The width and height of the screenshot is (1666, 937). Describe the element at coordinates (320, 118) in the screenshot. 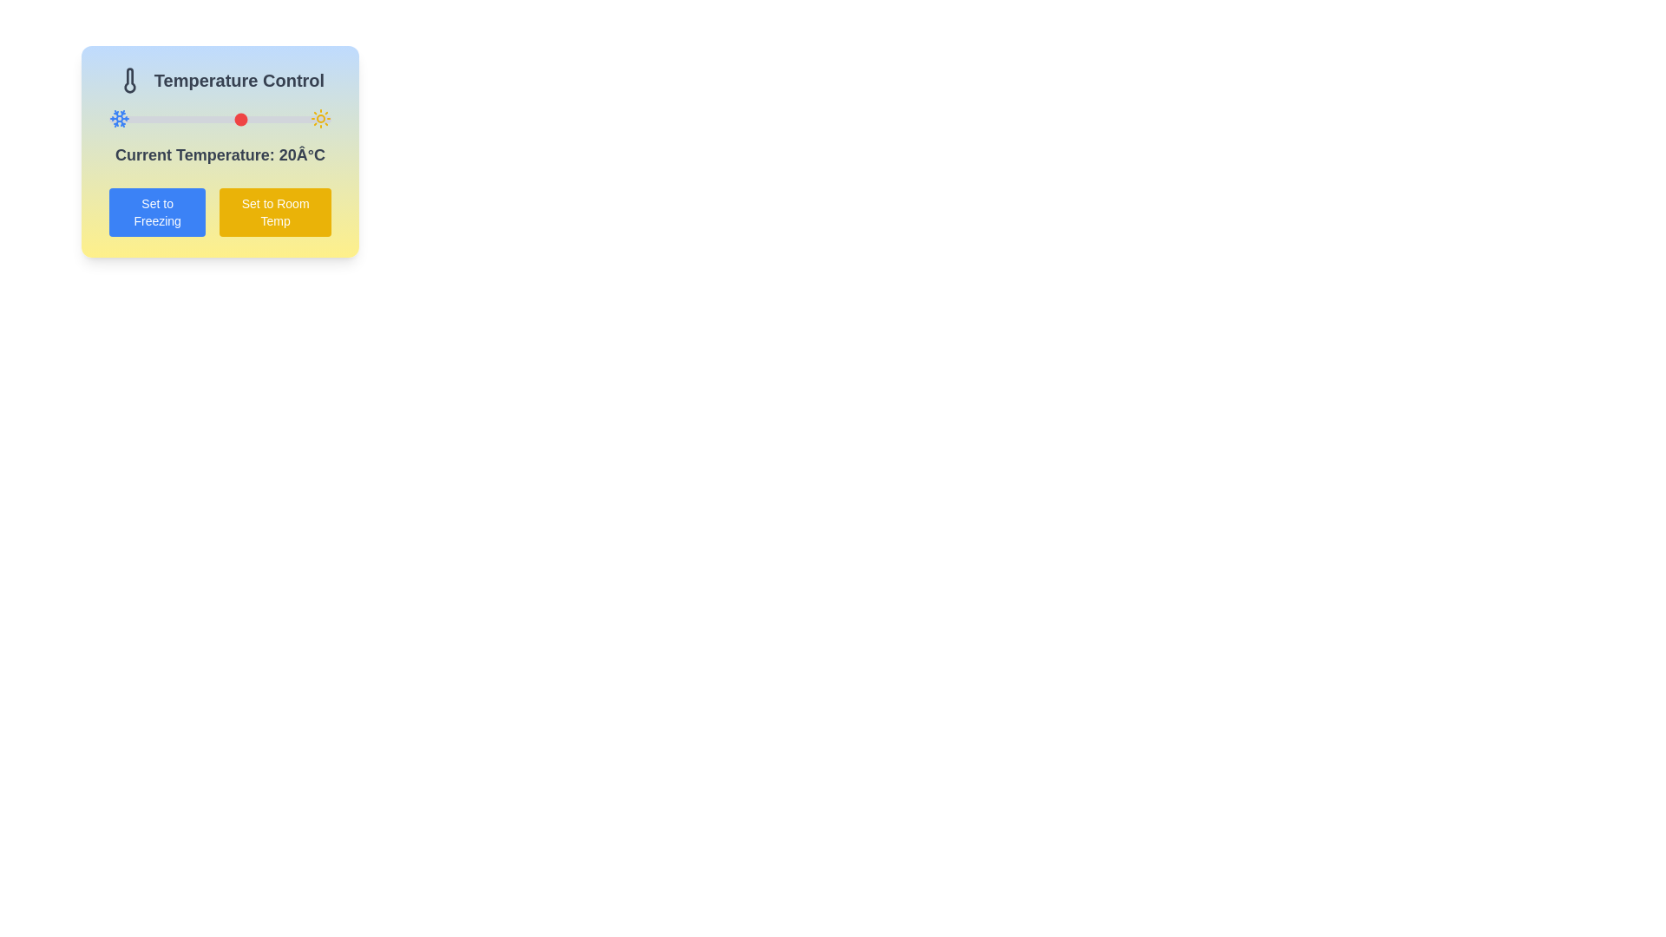

I see `the temperature icon located in the top-right corner of the 'Temperature Control' box, which represents higher temperature settings` at that location.